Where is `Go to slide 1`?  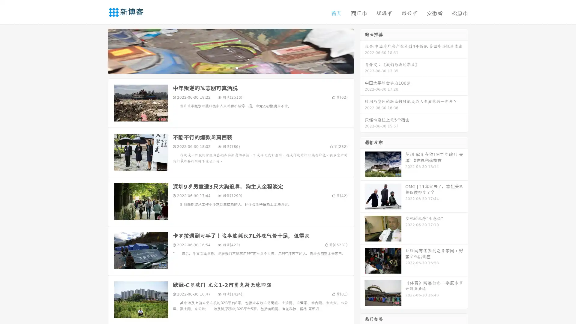
Go to slide 1 is located at coordinates (224, 67).